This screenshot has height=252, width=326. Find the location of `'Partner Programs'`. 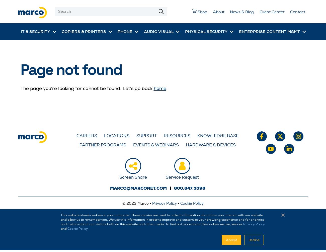

'Partner Programs' is located at coordinates (103, 144).